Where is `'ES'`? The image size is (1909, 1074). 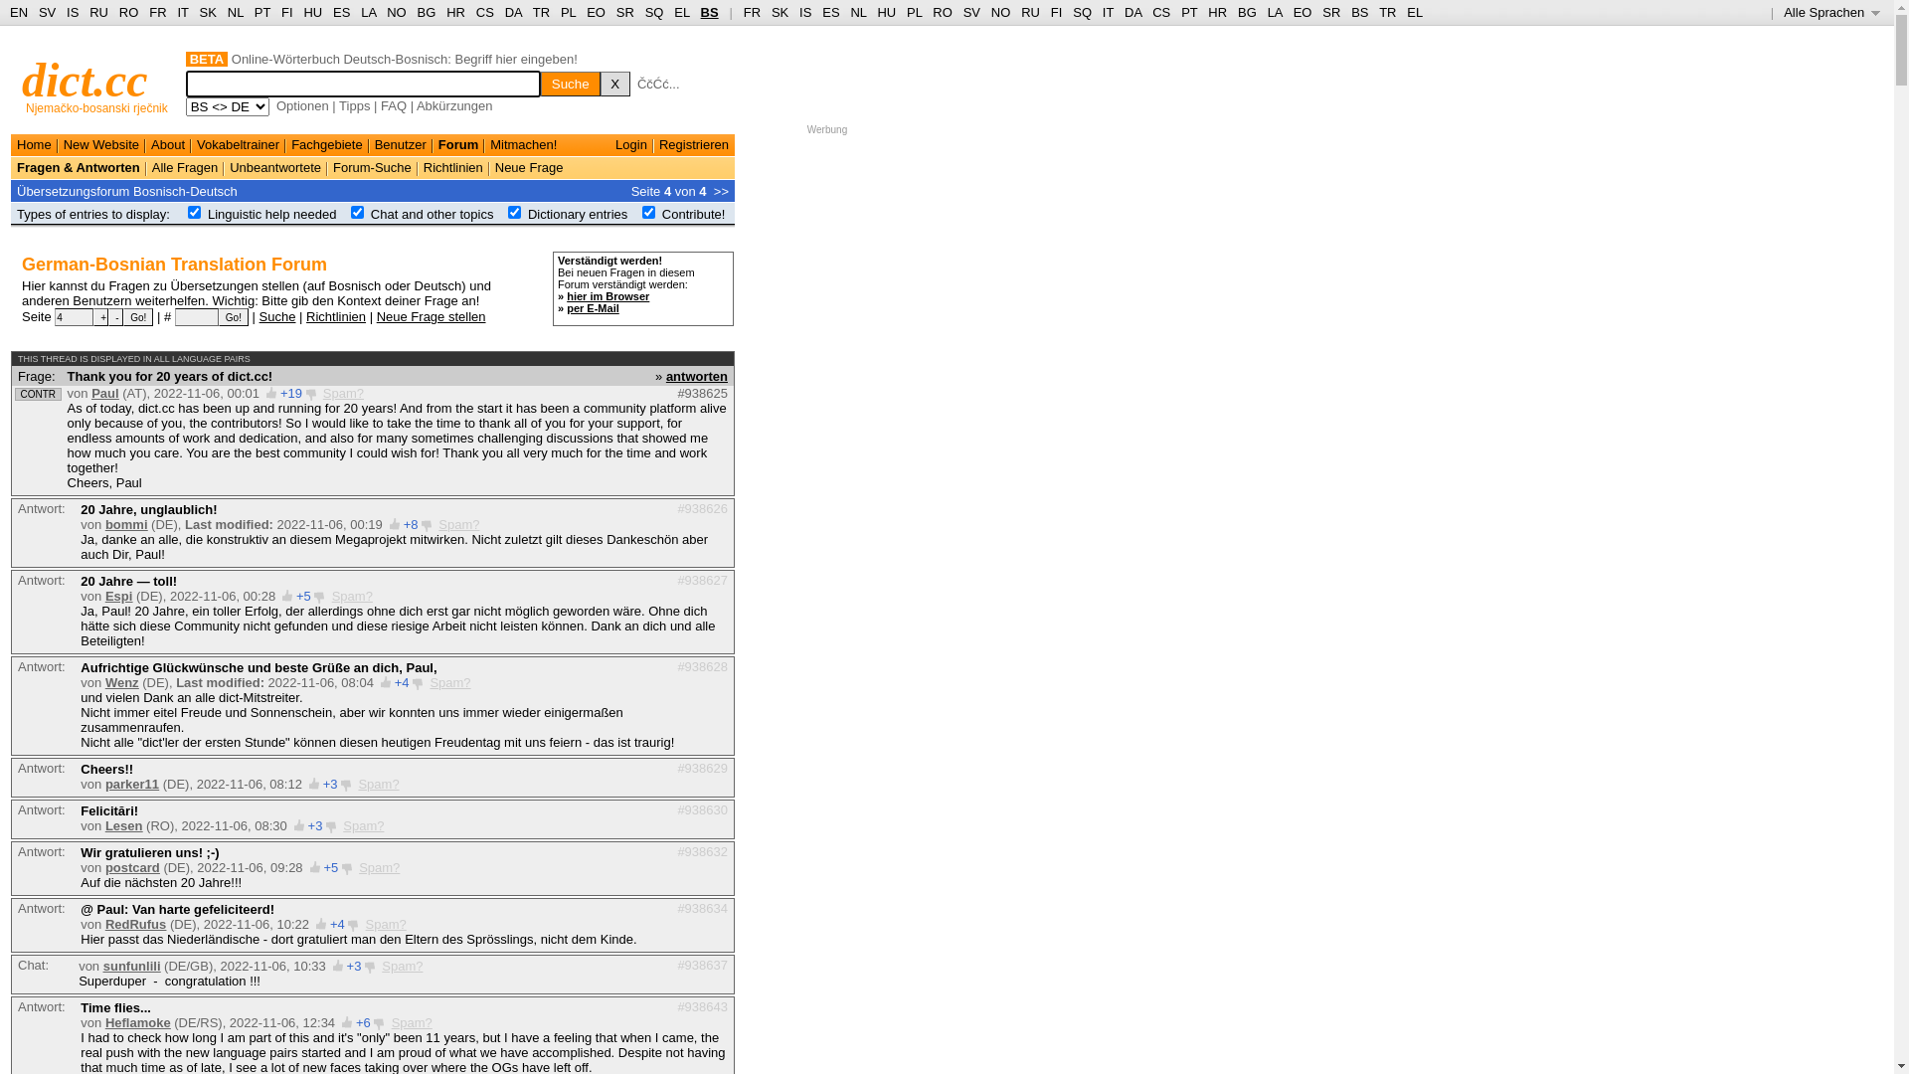
'ES' is located at coordinates (333, 12).